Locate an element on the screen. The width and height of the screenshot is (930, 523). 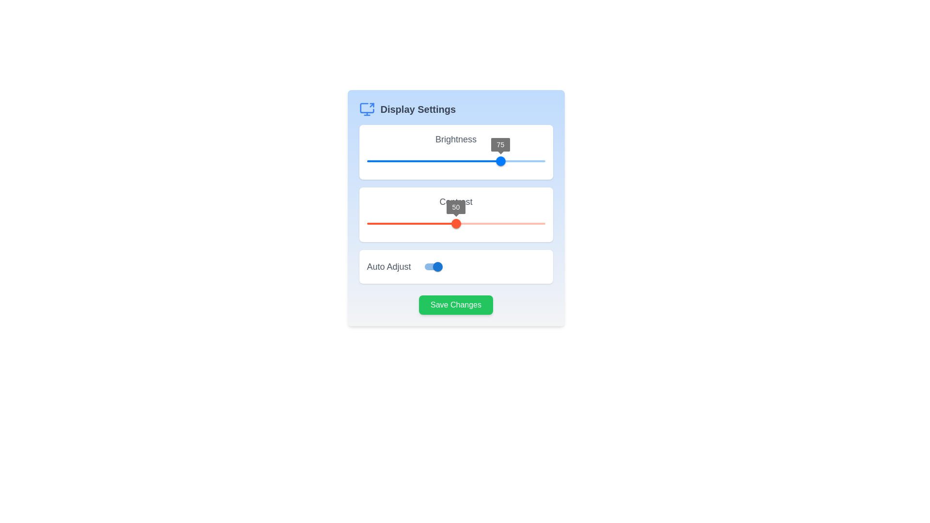
the brightness level is located at coordinates (497, 160).